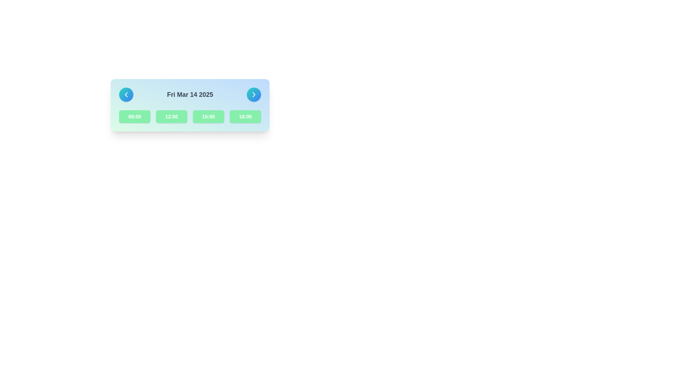 The height and width of the screenshot is (383, 681). What do you see at coordinates (134, 116) in the screenshot?
I see `the selectable time option button for '09:00', located in the first position of a row of buttons` at bounding box center [134, 116].